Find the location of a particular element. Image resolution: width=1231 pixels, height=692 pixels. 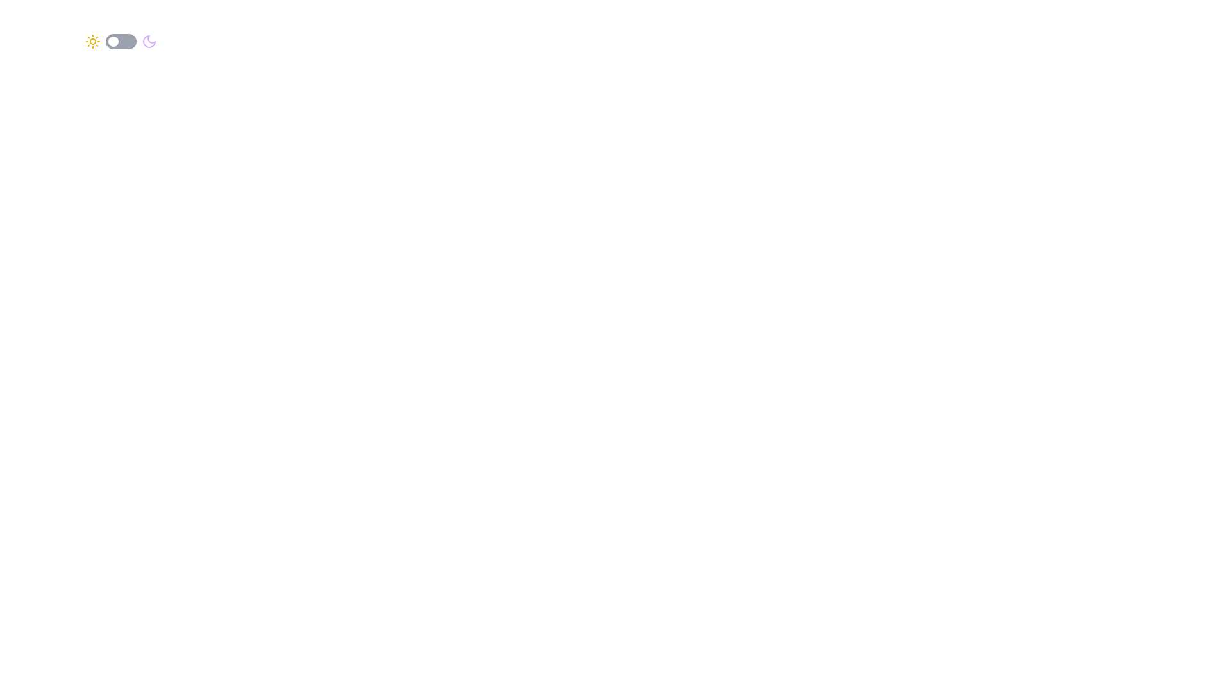

the Toggle Handle, which indicates the inactive state of the toggle switch and allows user interaction is located at coordinates (113, 41).